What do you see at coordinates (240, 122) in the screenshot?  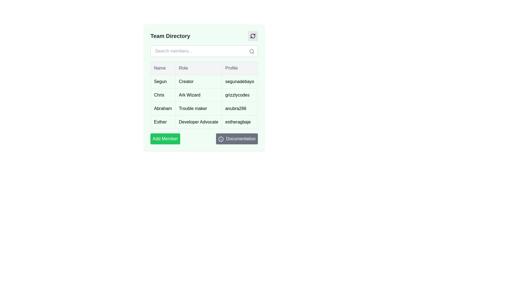 I see `the text label displaying 'estheragbaje' in the 'Profile' column of the structured table` at bounding box center [240, 122].